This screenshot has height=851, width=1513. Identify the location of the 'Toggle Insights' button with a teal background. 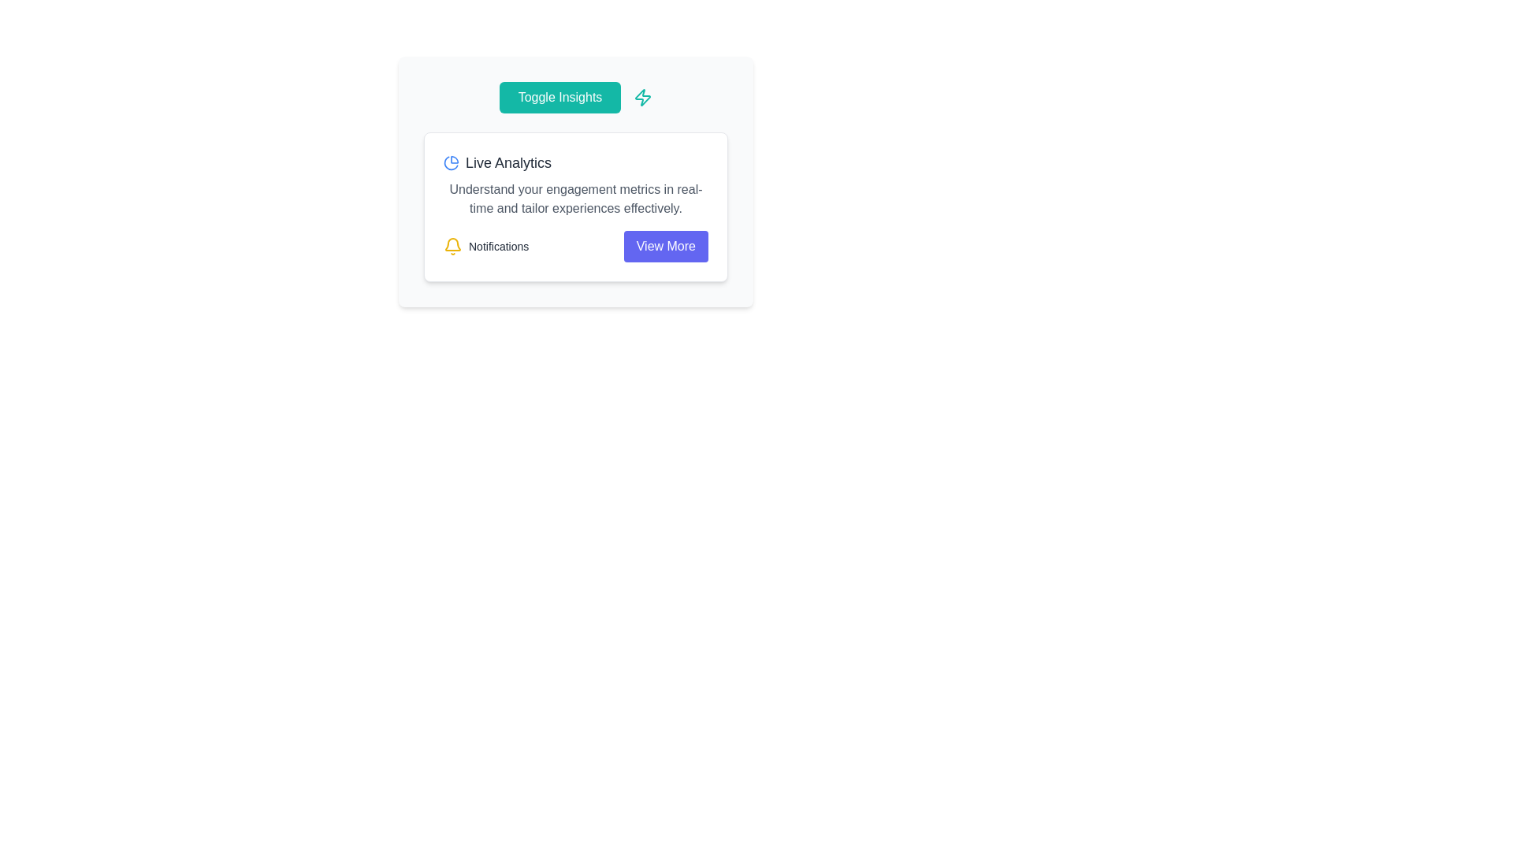
(559, 97).